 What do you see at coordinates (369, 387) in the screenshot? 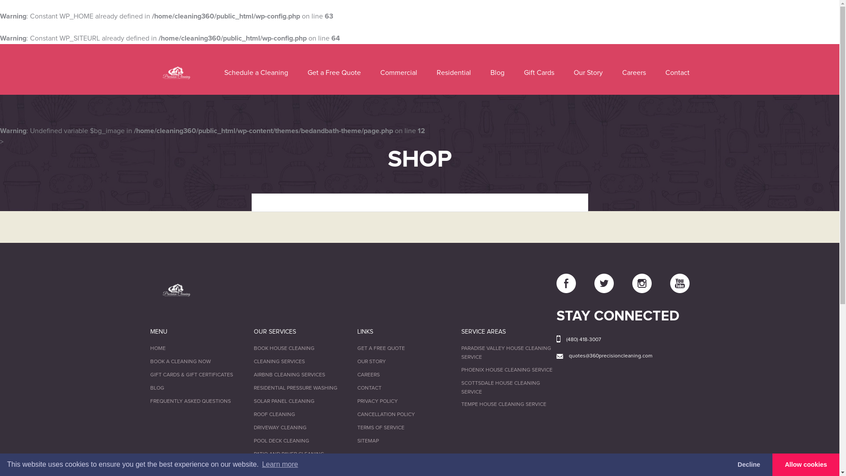
I see `'CONTACT'` at bounding box center [369, 387].